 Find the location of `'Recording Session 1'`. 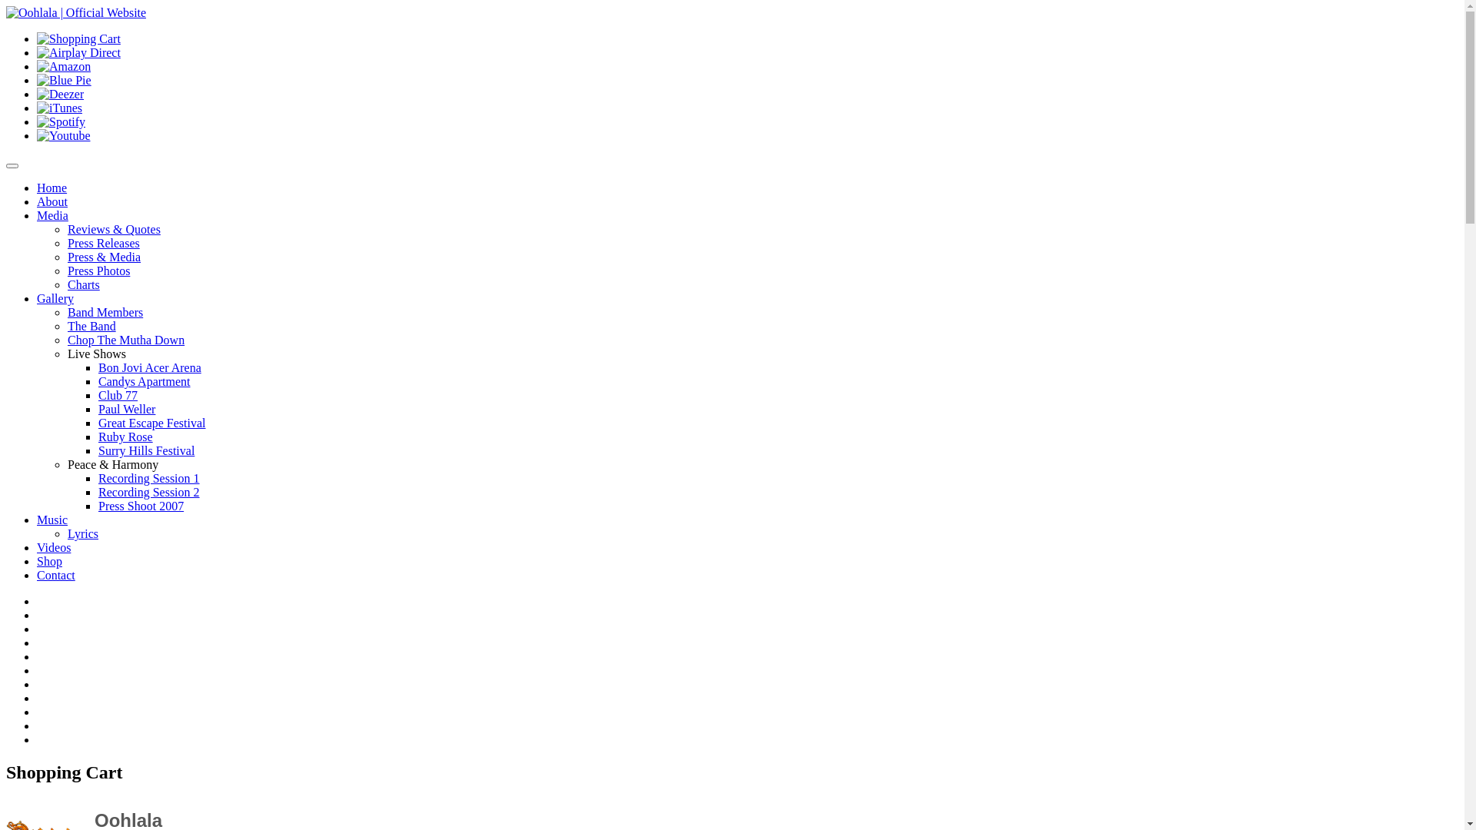

'Recording Session 1' is located at coordinates (148, 477).